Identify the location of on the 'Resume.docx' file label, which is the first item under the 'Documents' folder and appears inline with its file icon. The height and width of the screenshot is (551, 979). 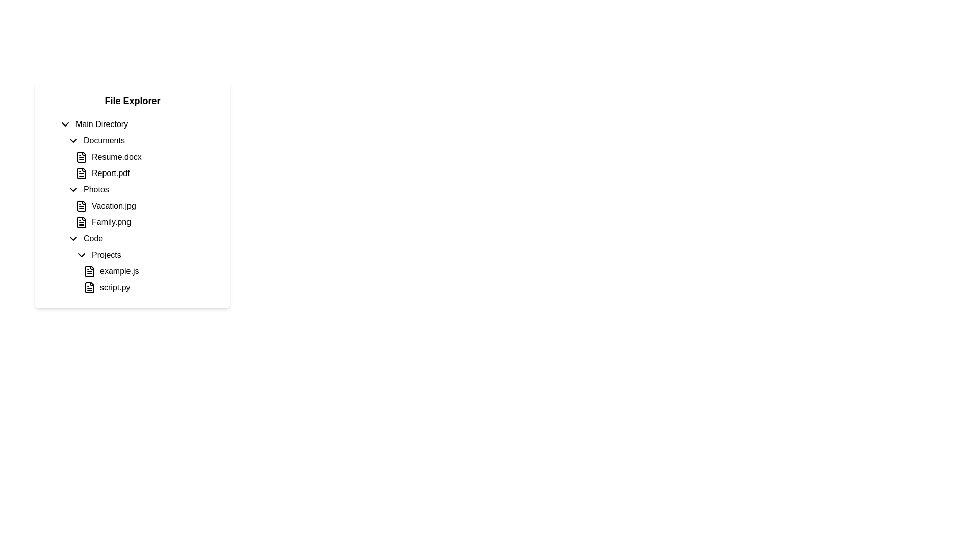
(140, 157).